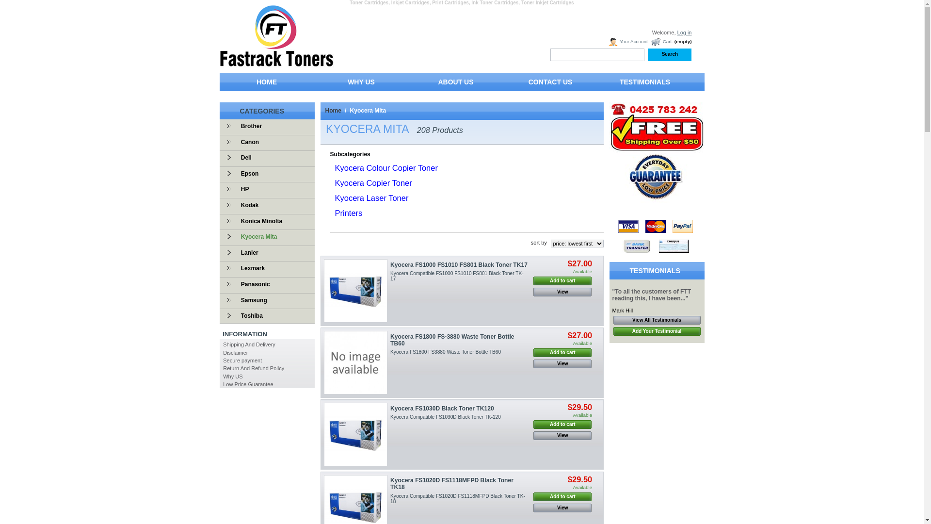 The image size is (931, 524). What do you see at coordinates (612, 320) in the screenshot?
I see `'View All Testimonials'` at bounding box center [612, 320].